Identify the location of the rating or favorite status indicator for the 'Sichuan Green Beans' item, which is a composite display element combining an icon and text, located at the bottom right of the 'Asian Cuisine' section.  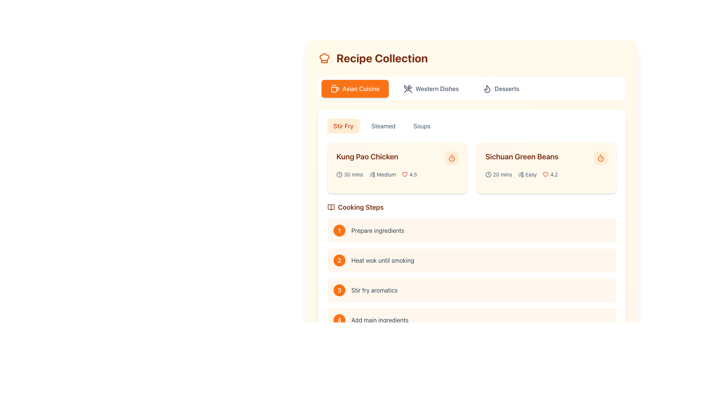
(550, 174).